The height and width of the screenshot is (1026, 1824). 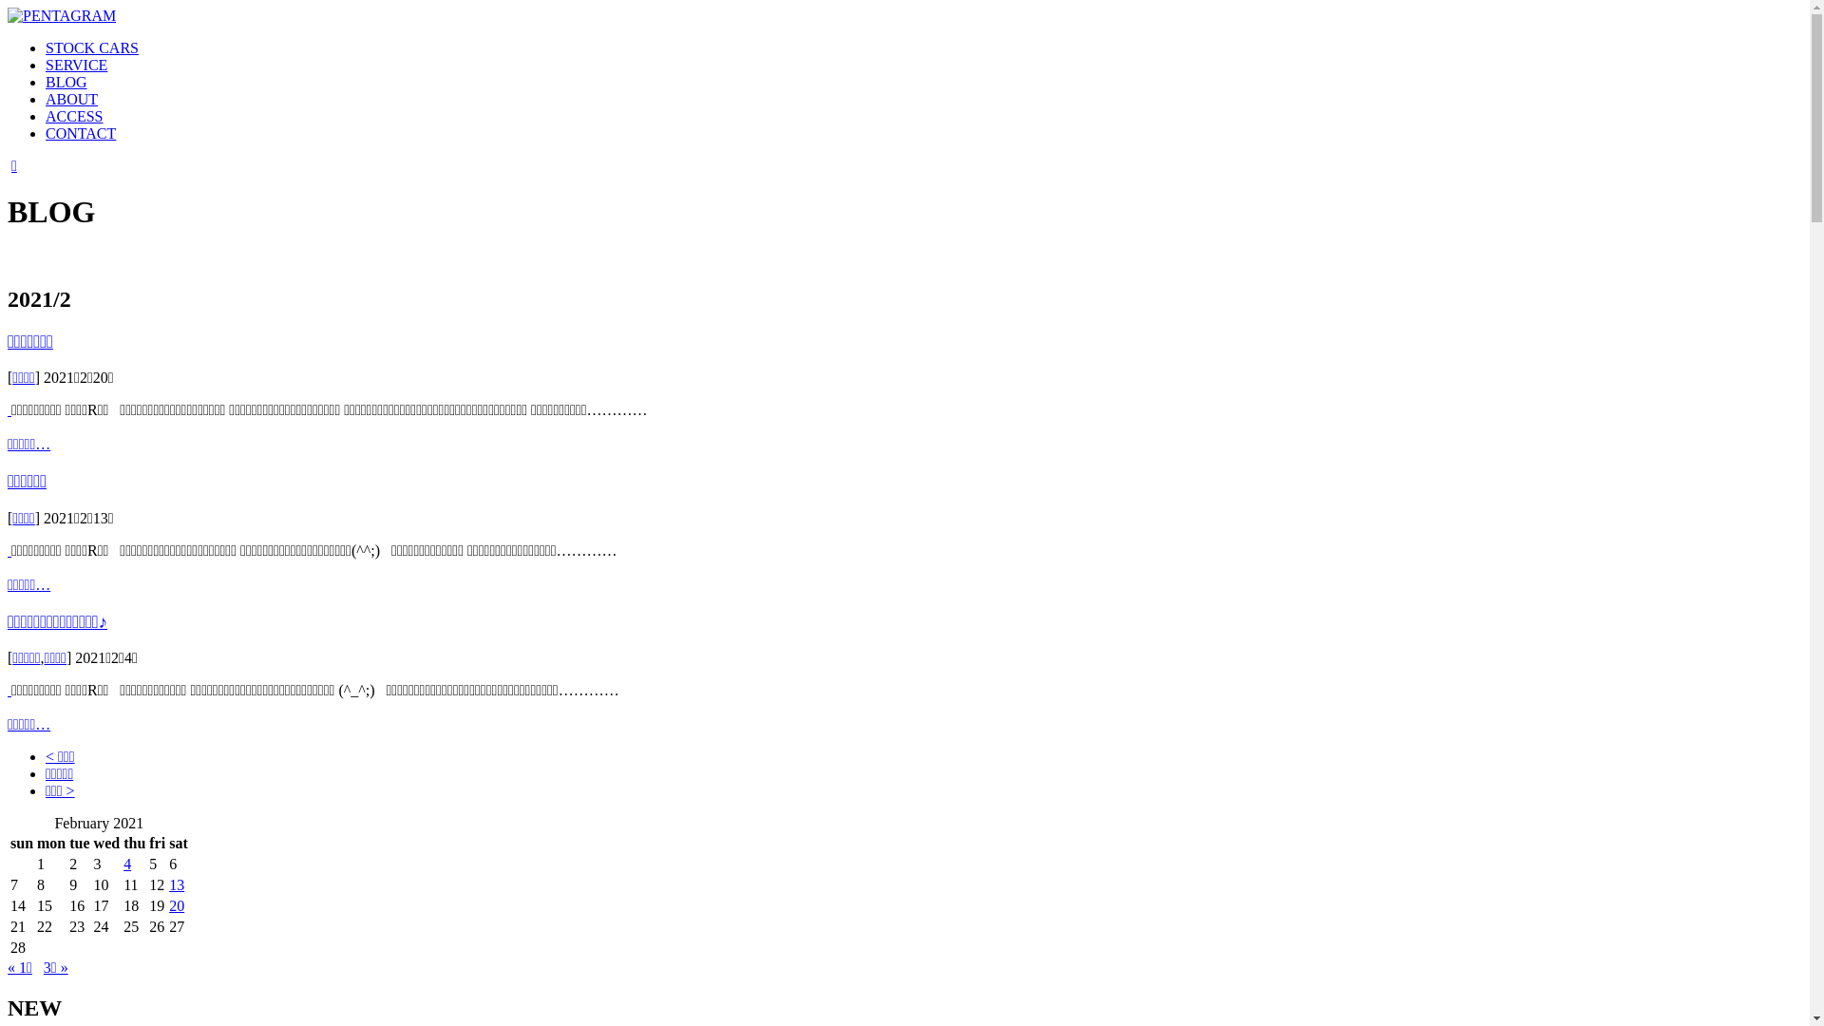 What do you see at coordinates (177, 904) in the screenshot?
I see `'20'` at bounding box center [177, 904].